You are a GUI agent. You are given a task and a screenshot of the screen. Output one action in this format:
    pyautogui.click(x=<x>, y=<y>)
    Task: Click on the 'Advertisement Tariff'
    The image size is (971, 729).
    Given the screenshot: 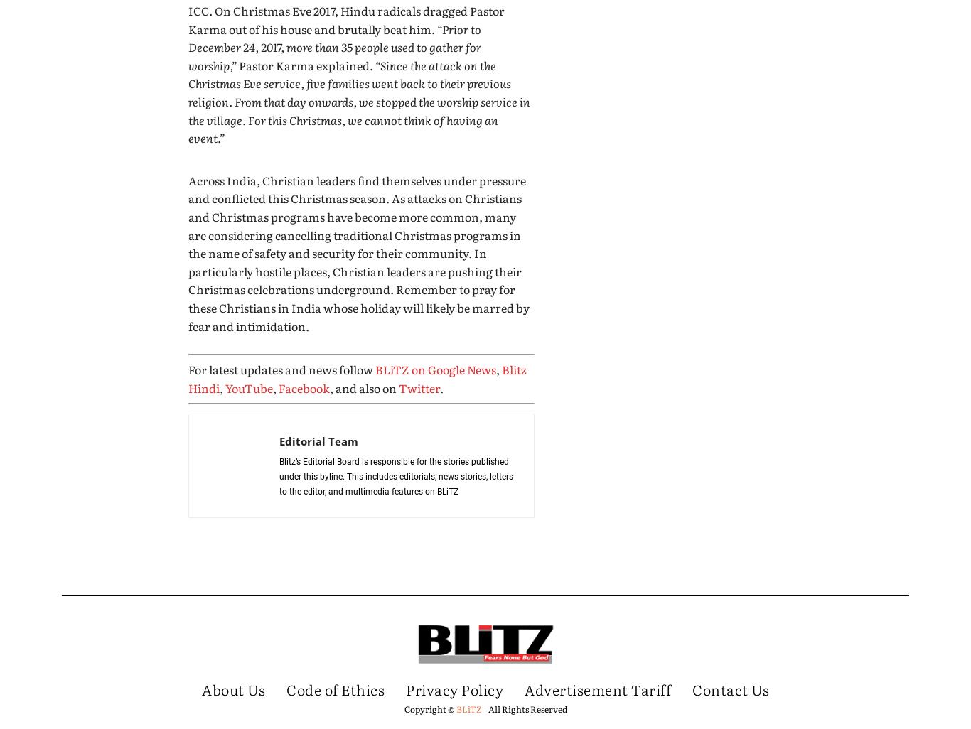 What is the action you would take?
    pyautogui.click(x=597, y=688)
    